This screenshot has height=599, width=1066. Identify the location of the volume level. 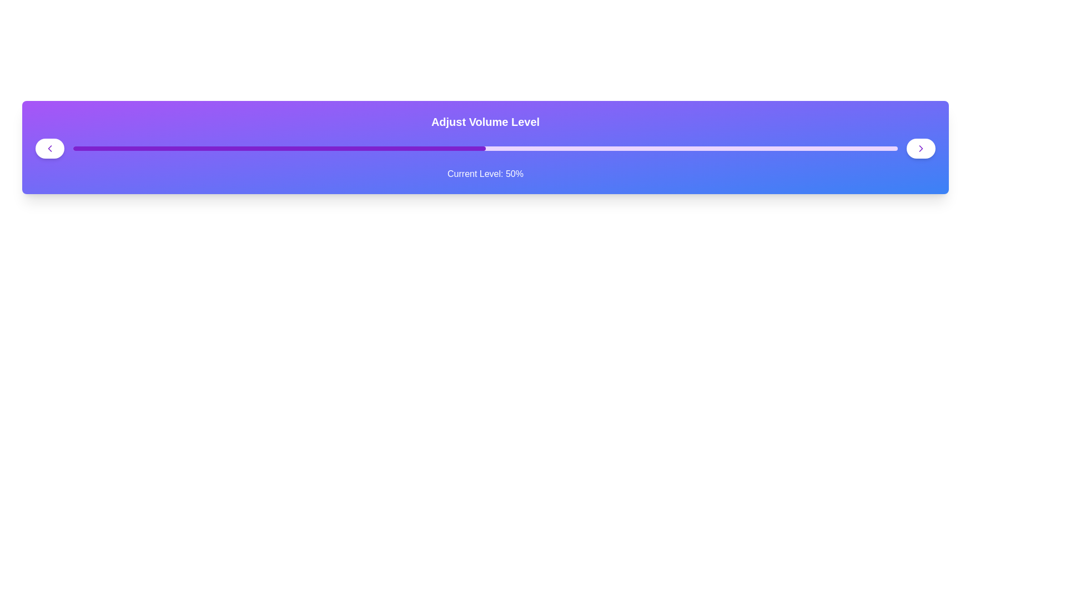
(452, 148).